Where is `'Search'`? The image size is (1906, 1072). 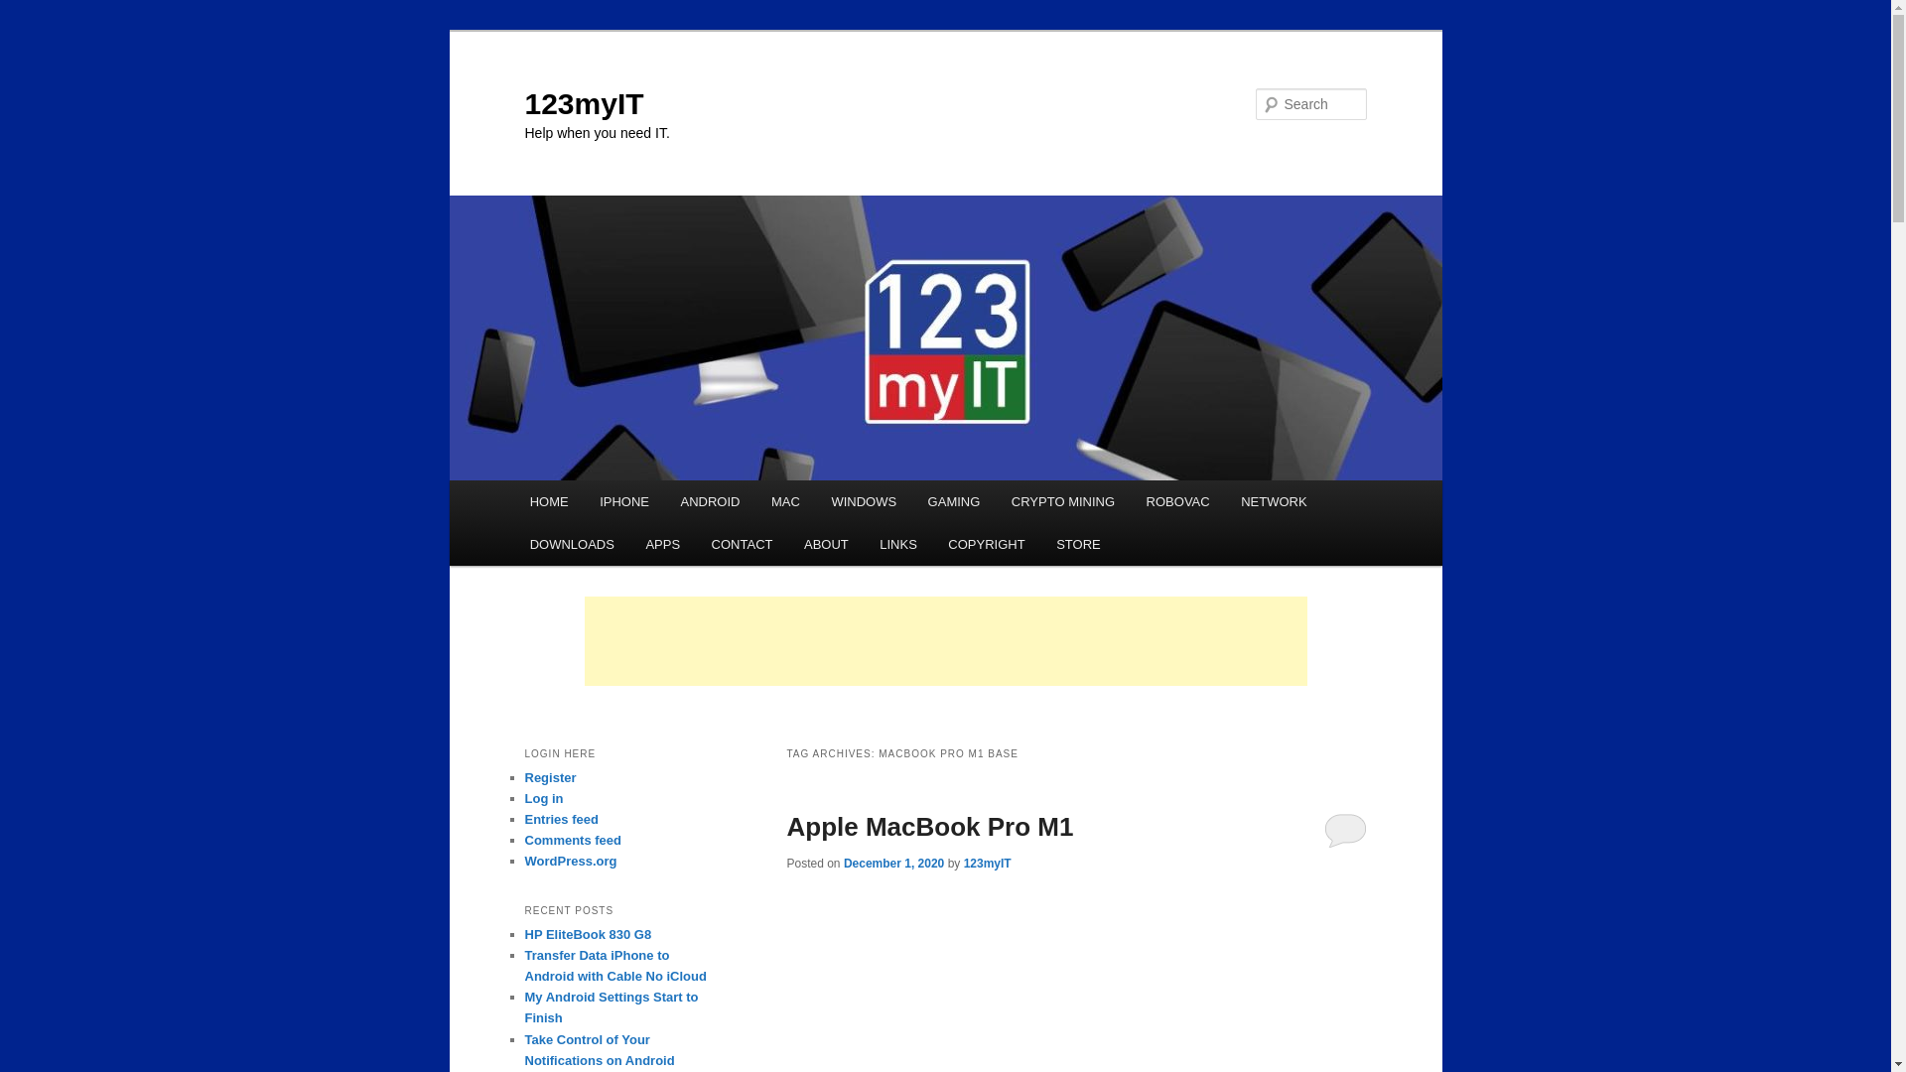
'Search' is located at coordinates (32, 11).